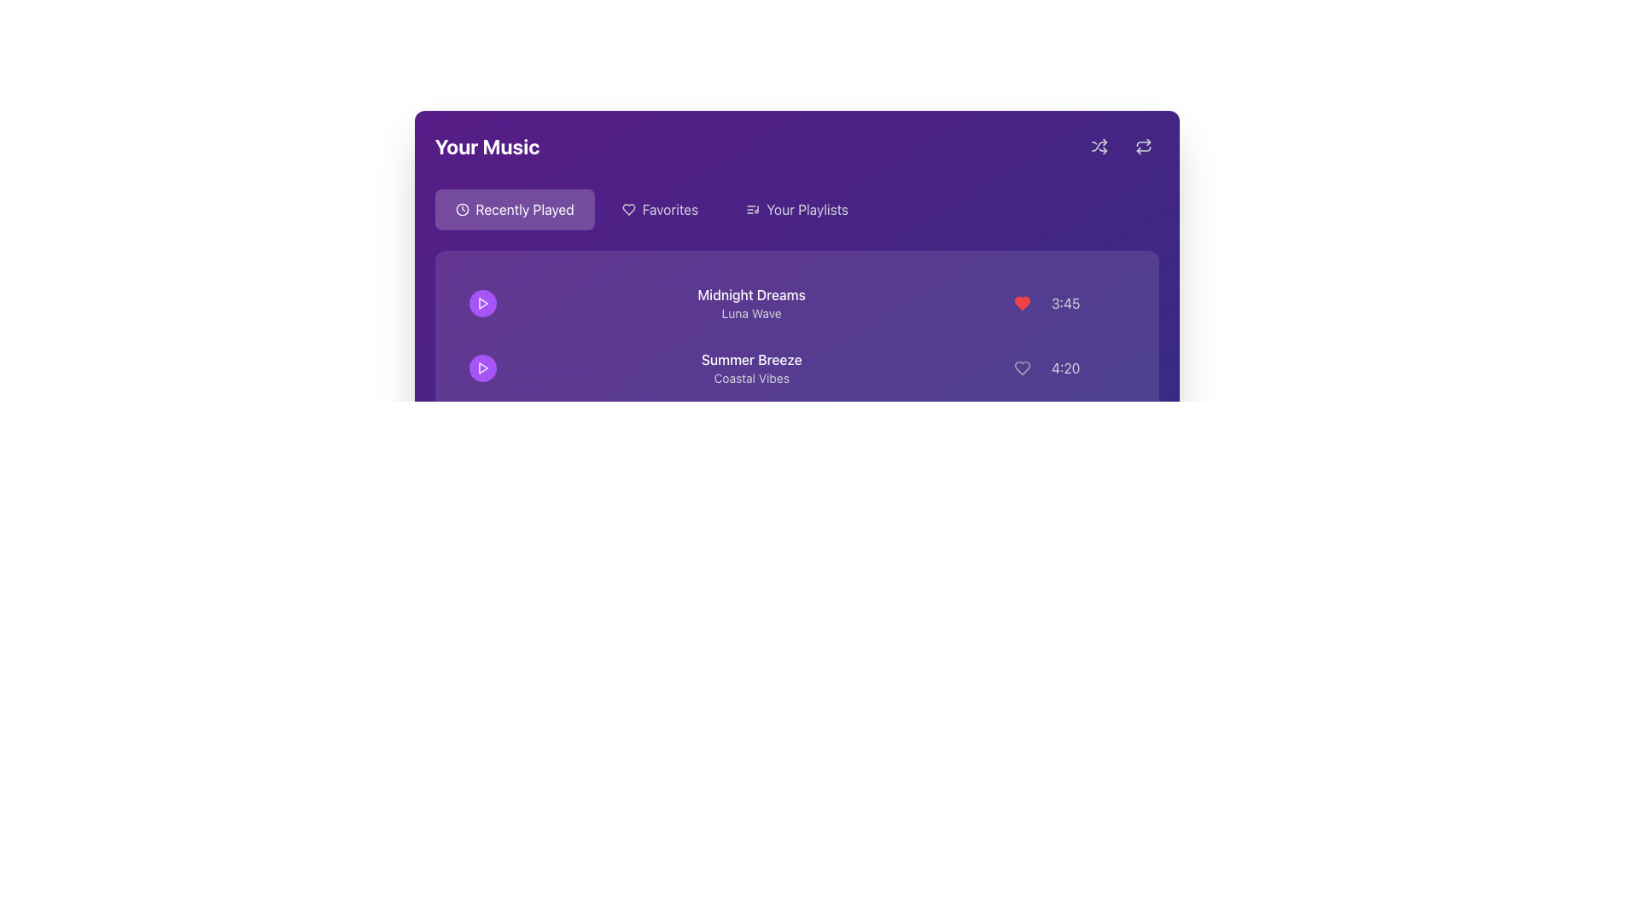 The width and height of the screenshot is (1639, 921). Describe the element at coordinates (796, 209) in the screenshot. I see `the 'Playlists' button` at that location.